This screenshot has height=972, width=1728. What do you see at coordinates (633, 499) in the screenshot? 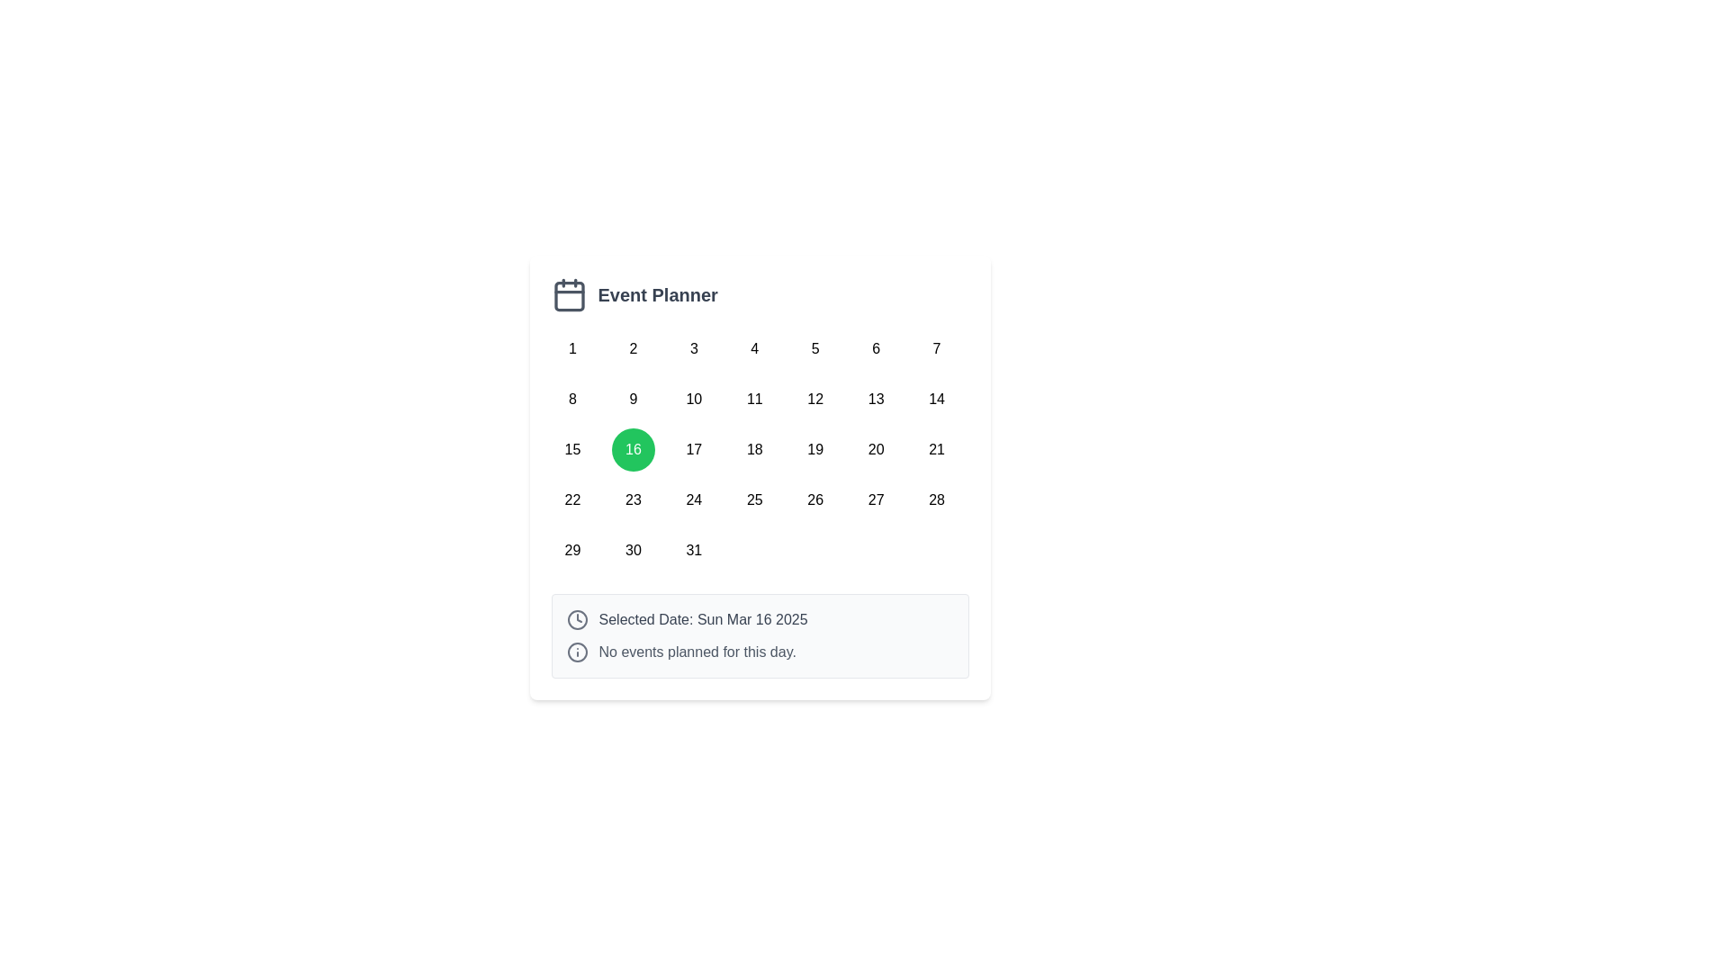
I see `the selectable calendar date button for the date '23' located in the fifth row and second column of the calendar layout` at bounding box center [633, 499].